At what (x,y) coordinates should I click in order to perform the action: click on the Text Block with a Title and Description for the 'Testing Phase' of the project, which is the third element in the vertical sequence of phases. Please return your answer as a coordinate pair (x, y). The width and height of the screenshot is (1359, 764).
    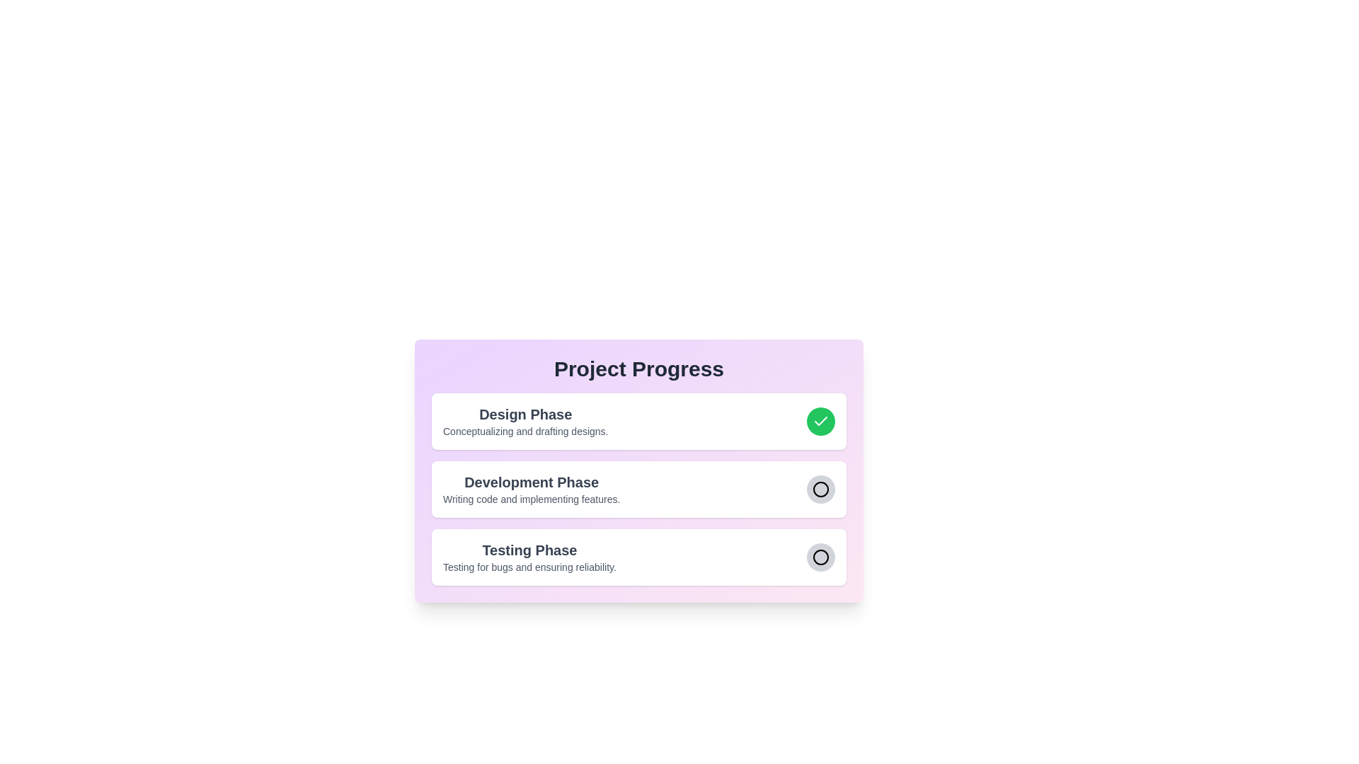
    Looking at the image, I should click on (529, 556).